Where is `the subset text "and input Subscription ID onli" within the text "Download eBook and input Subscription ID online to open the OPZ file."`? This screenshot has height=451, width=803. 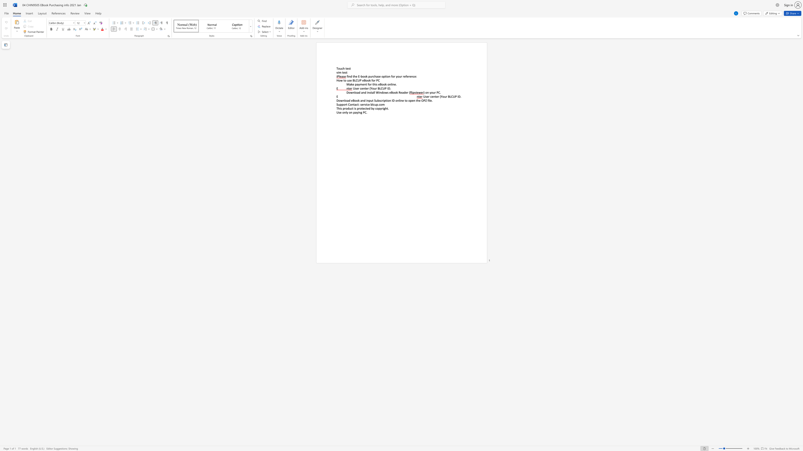 the subset text "and input Subscription ID onli" within the text "Download eBook and input Subscription ID online to open the OPZ file." is located at coordinates (360, 100).